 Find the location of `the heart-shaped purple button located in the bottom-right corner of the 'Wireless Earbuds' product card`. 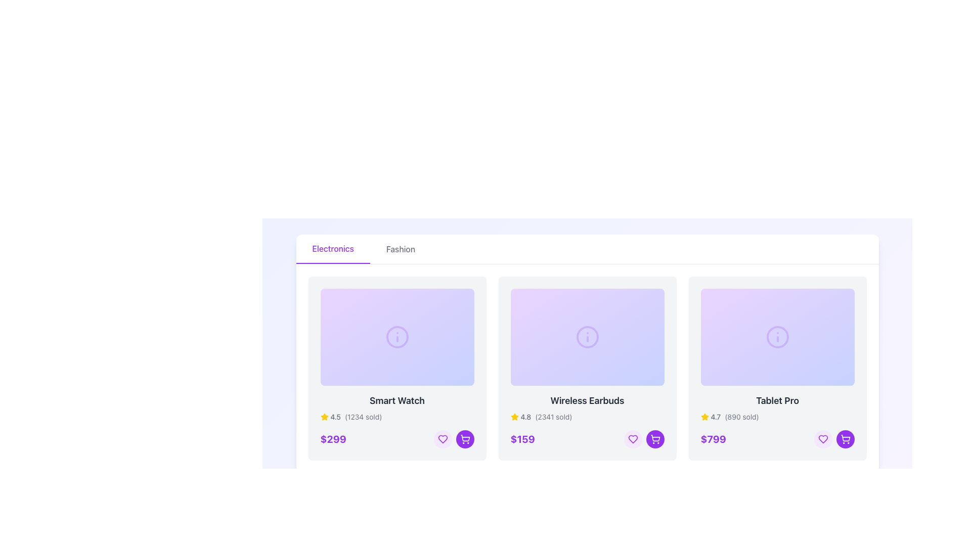

the heart-shaped purple button located in the bottom-right corner of the 'Wireless Earbuds' product card is located at coordinates (632, 438).